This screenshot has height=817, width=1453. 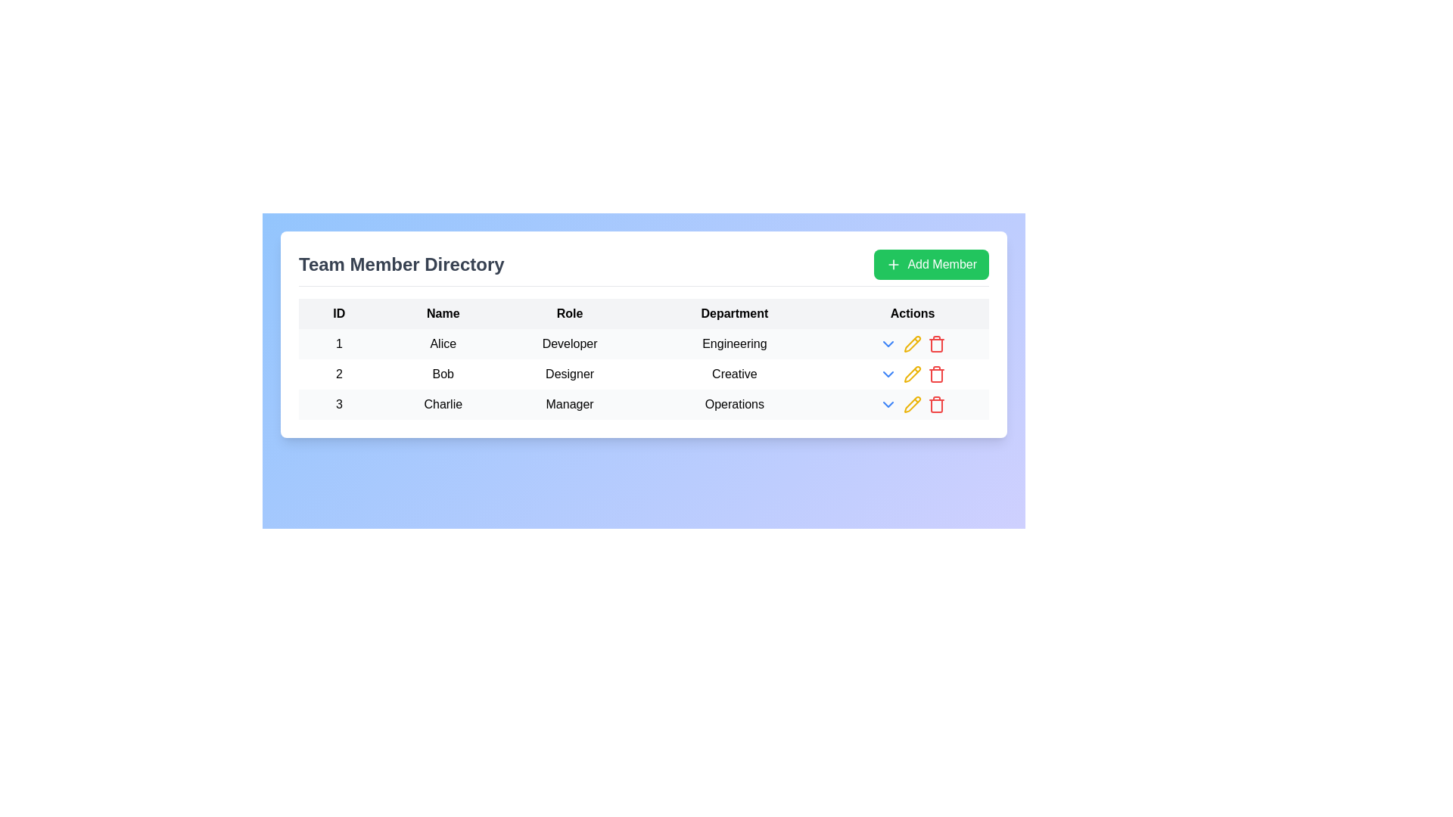 I want to click on the Text element displaying the name 'Charlie' in the third row of the table labeled '3CharlieManagerOperations' in the 'Name' column, so click(x=442, y=404).